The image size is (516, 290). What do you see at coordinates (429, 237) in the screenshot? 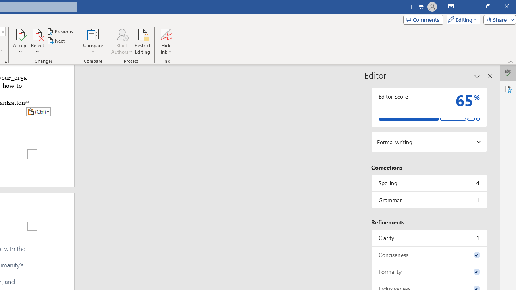
I see `'Clarity, 1 issue. Press space or enter to review items.'` at bounding box center [429, 237].